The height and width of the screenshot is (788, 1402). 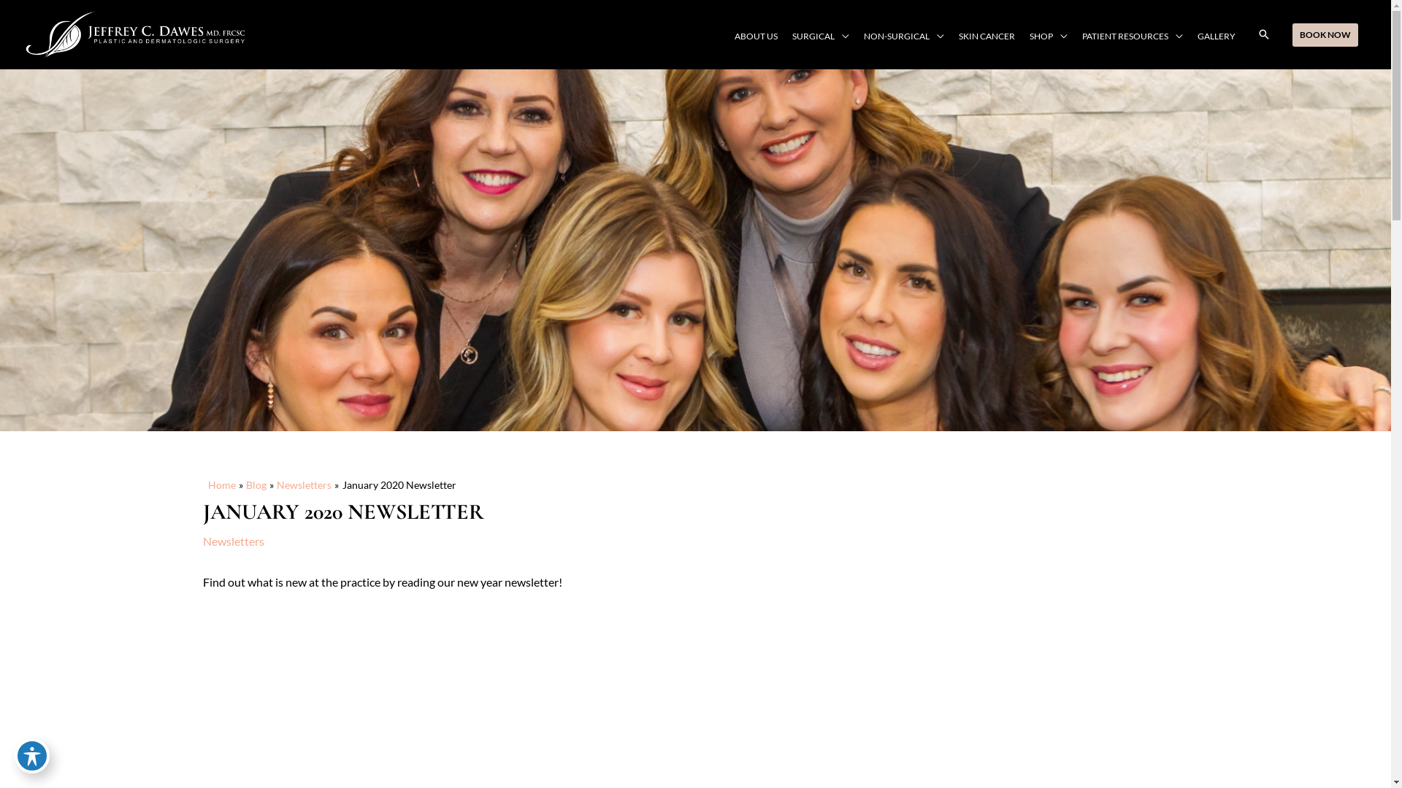 I want to click on 'Newsletters', so click(x=234, y=541).